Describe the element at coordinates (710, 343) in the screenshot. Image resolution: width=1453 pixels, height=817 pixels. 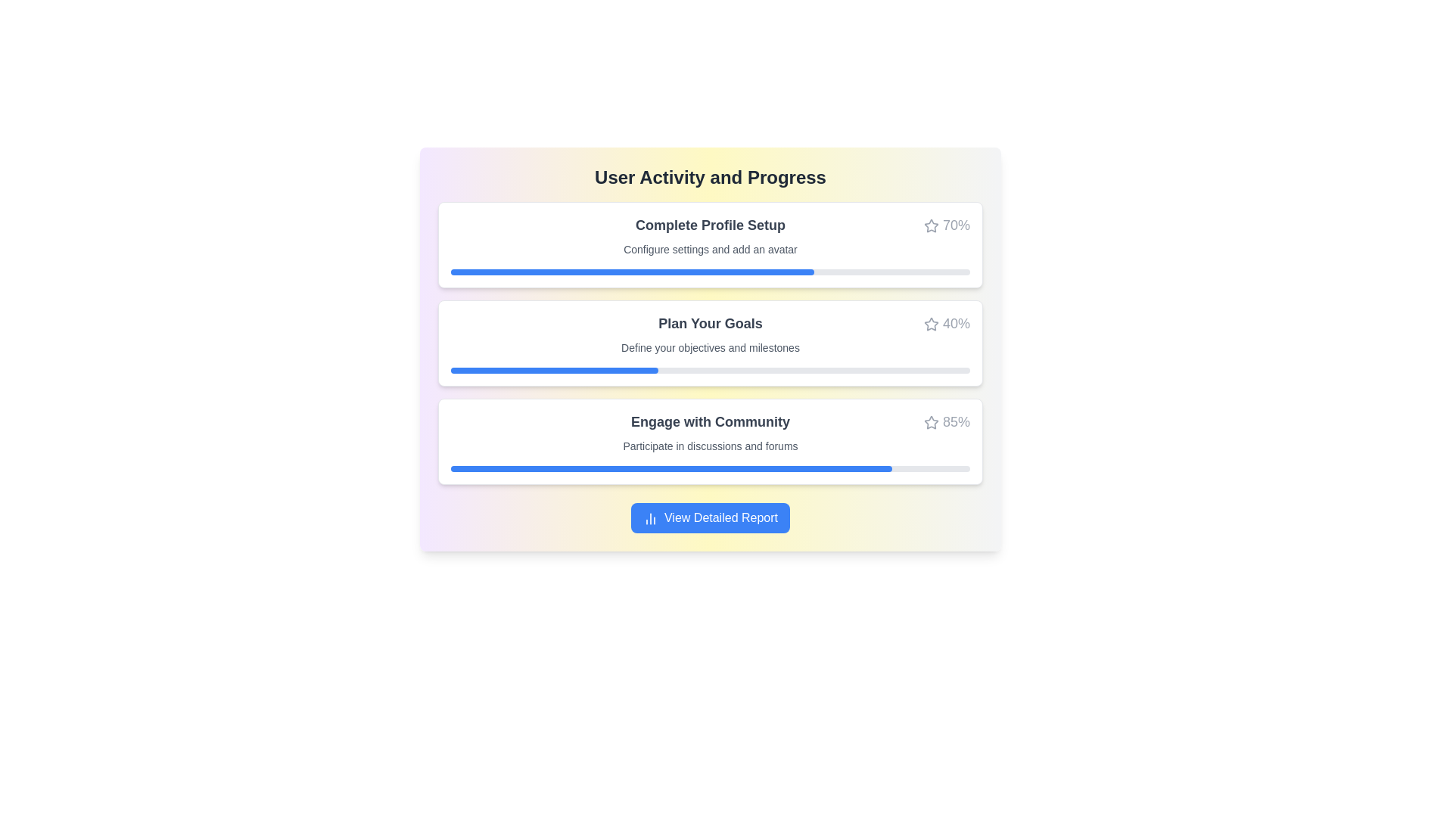
I see `title and details of the progress tracking card element, which is the second card in a vertical list, displaying completion percentage and progress status` at that location.